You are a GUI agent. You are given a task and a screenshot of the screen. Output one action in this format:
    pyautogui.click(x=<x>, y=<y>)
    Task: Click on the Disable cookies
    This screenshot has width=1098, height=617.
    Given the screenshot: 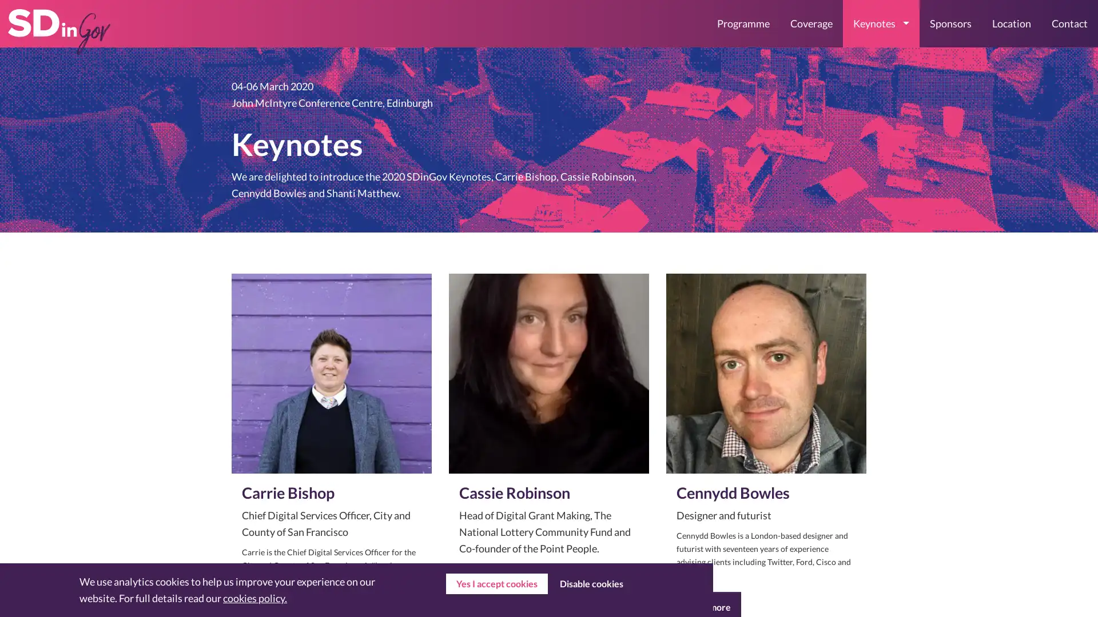 What is the action you would take?
    pyautogui.click(x=591, y=584)
    